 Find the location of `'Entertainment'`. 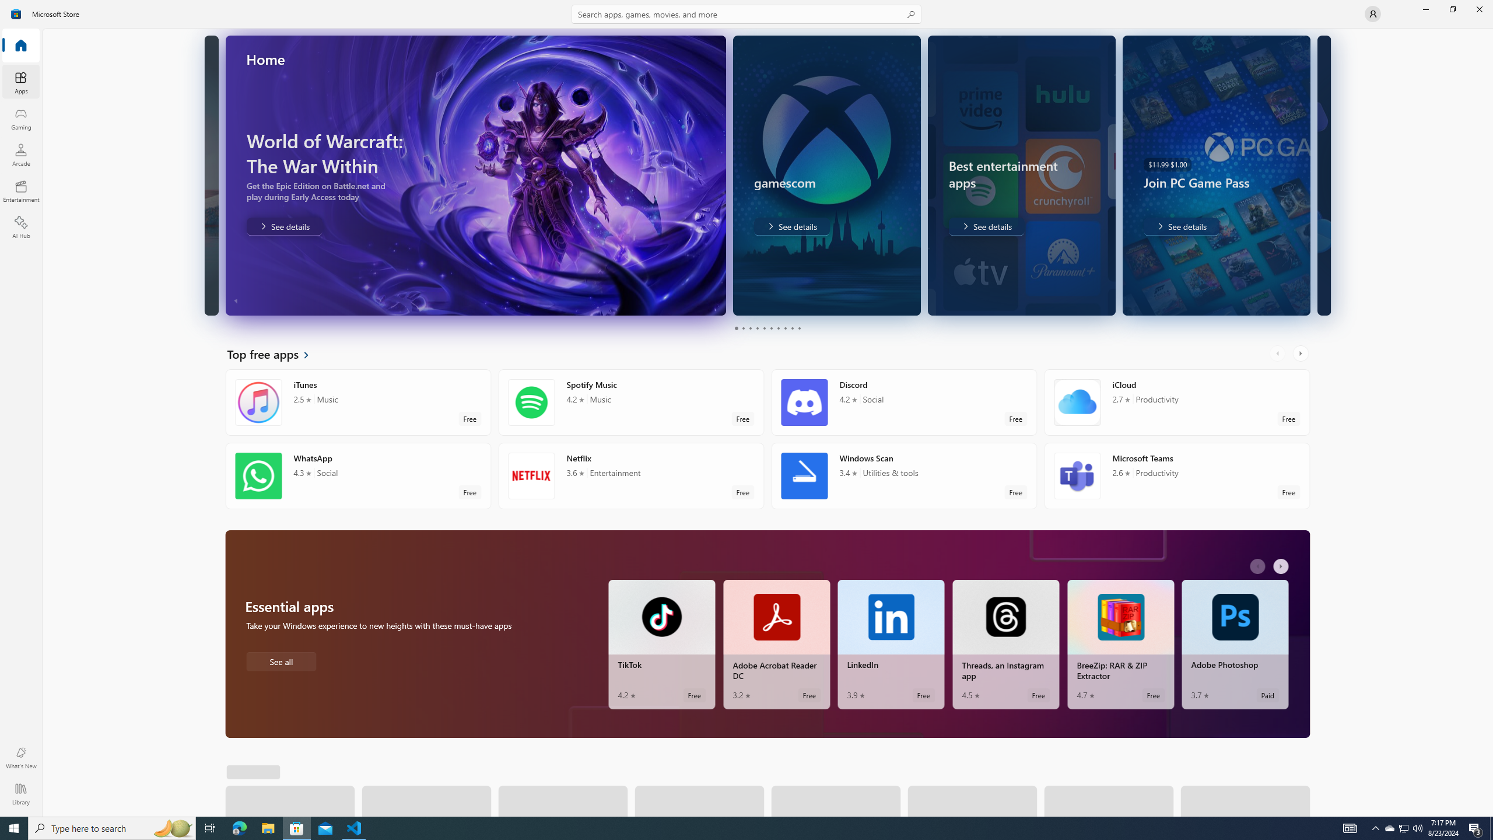

'Entertainment' is located at coordinates (20, 190).